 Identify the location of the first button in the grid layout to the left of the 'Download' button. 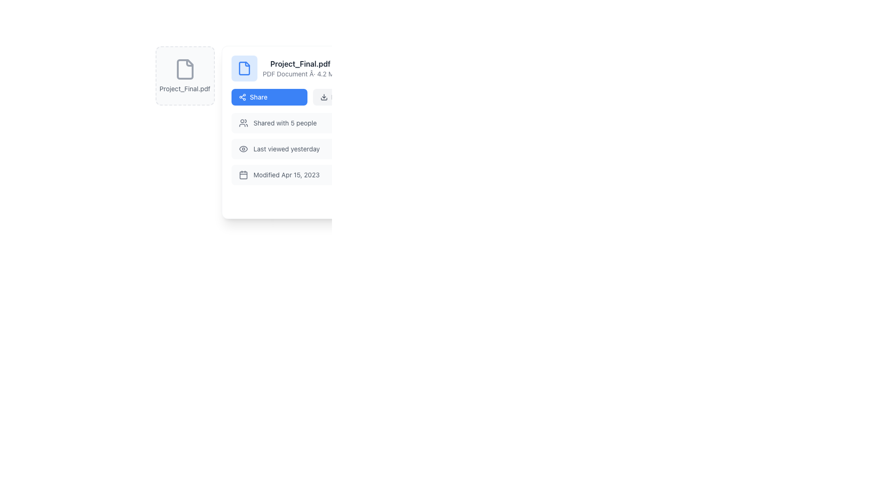
(269, 97).